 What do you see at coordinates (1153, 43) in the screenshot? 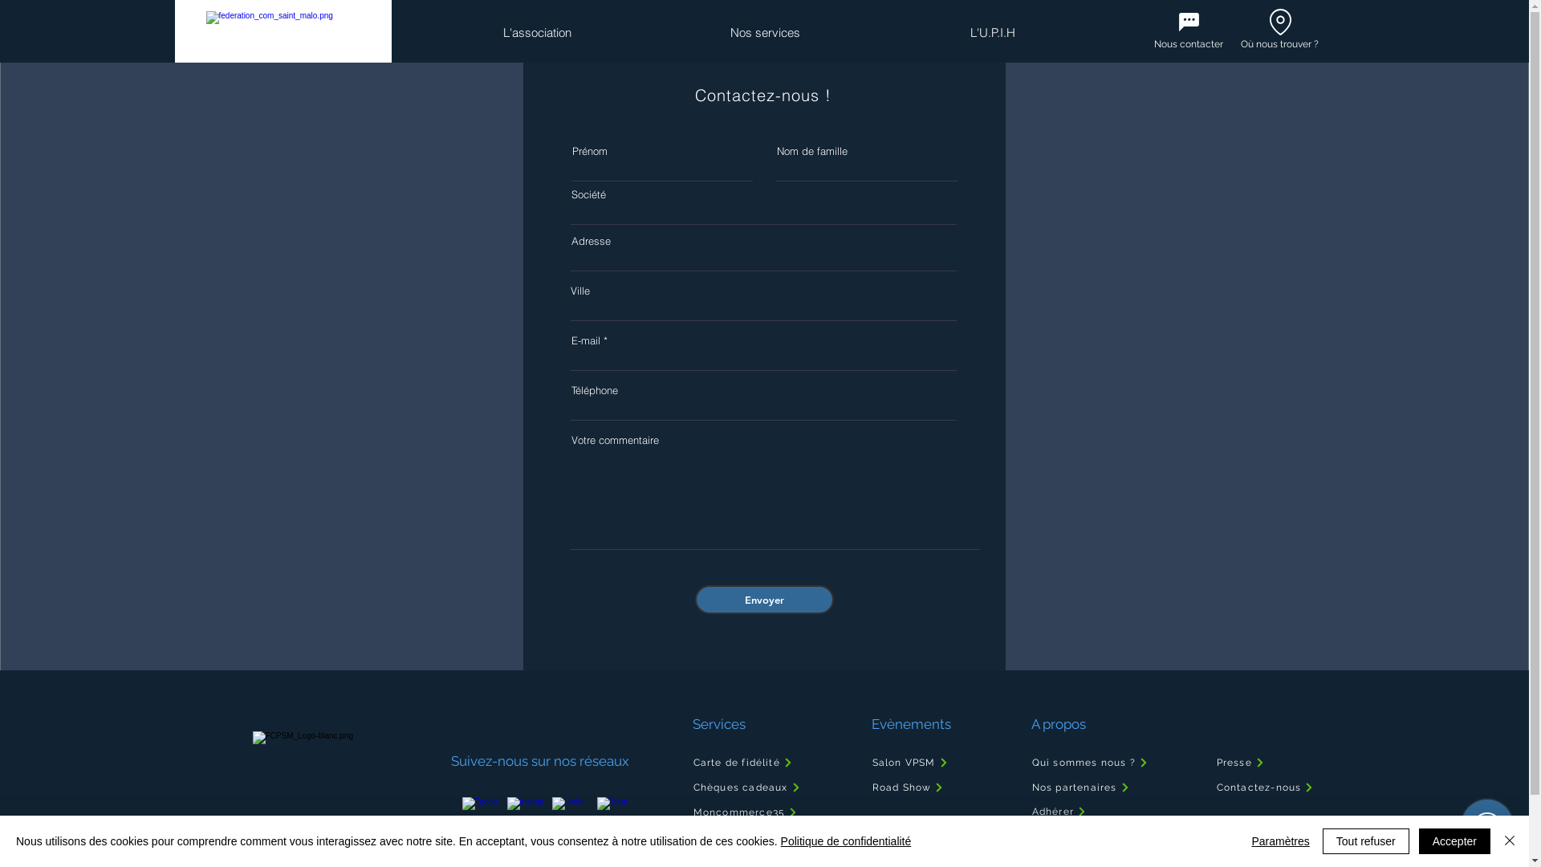
I see `'Nous contacter'` at bounding box center [1153, 43].